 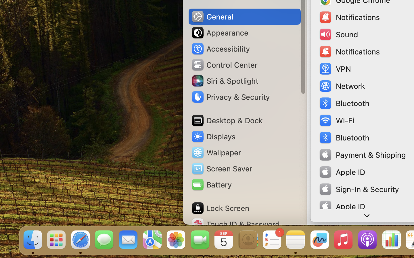 What do you see at coordinates (224, 64) in the screenshot?
I see `'Control Center'` at bounding box center [224, 64].